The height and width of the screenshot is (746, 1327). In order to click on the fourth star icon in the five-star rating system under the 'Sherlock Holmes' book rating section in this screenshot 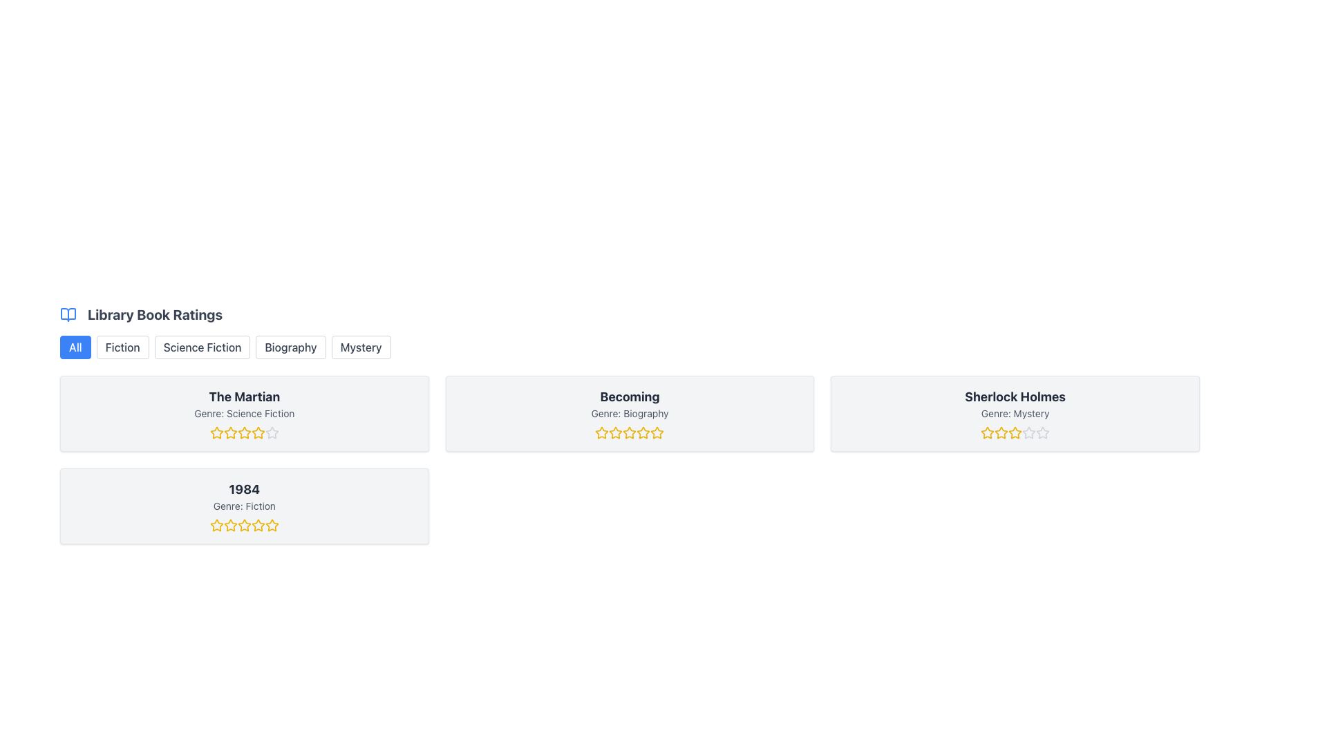, I will do `click(1028, 431)`.